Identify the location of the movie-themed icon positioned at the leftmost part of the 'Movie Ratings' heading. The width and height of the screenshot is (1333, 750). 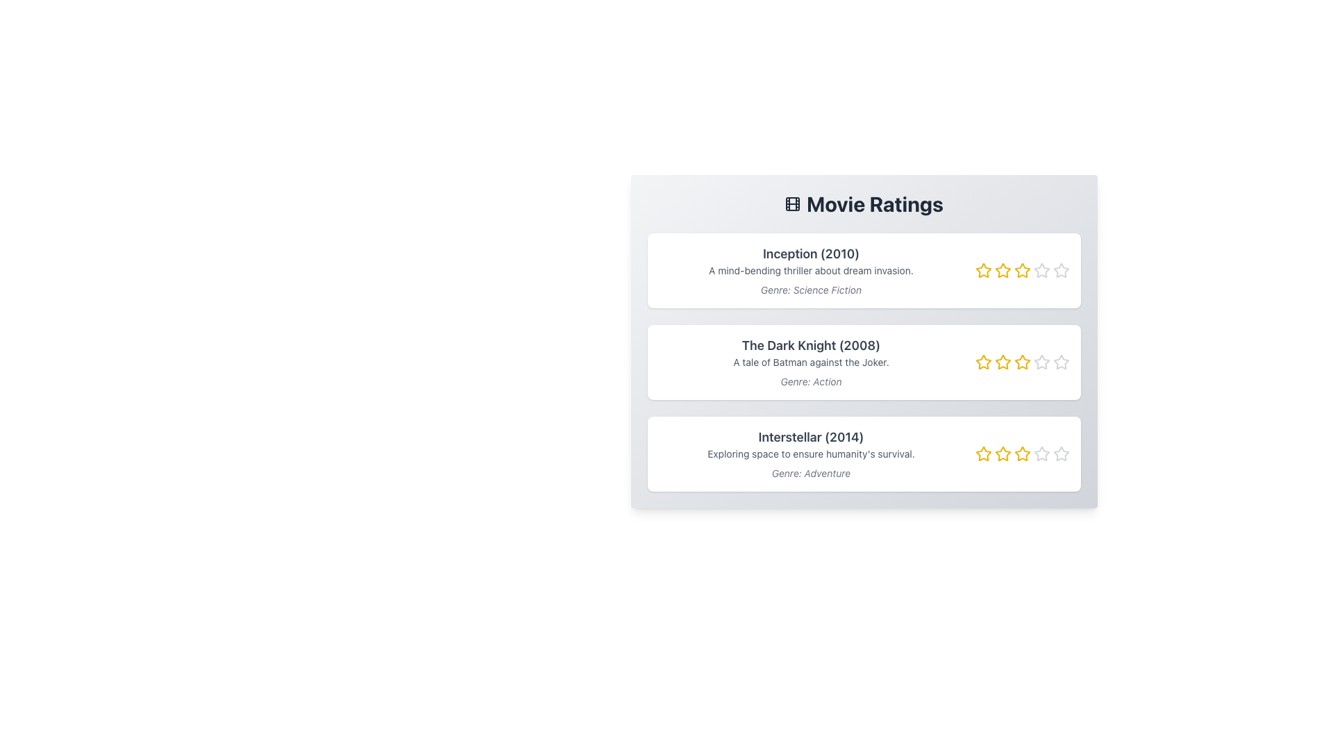
(793, 203).